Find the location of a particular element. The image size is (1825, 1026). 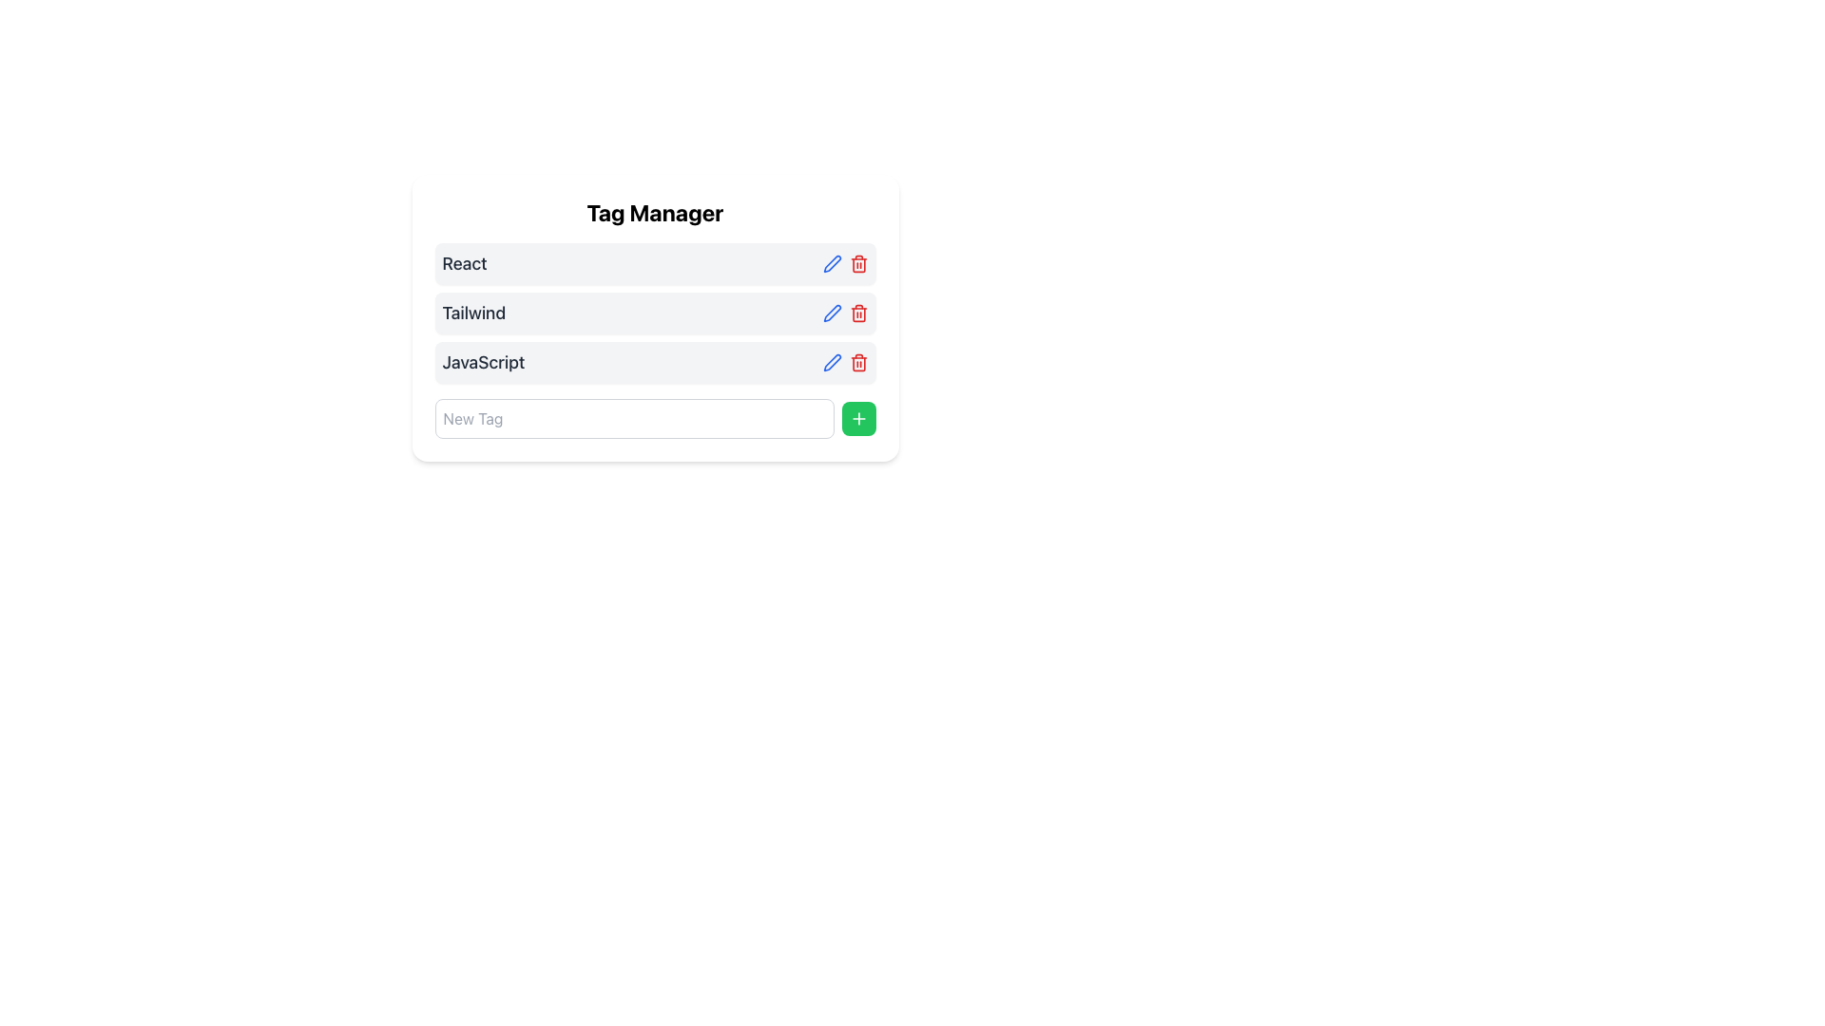

the red trash bin icon in the group of interactive icons located at the top-right corner of the 'Tailwind' item row is located at coordinates (844, 313).